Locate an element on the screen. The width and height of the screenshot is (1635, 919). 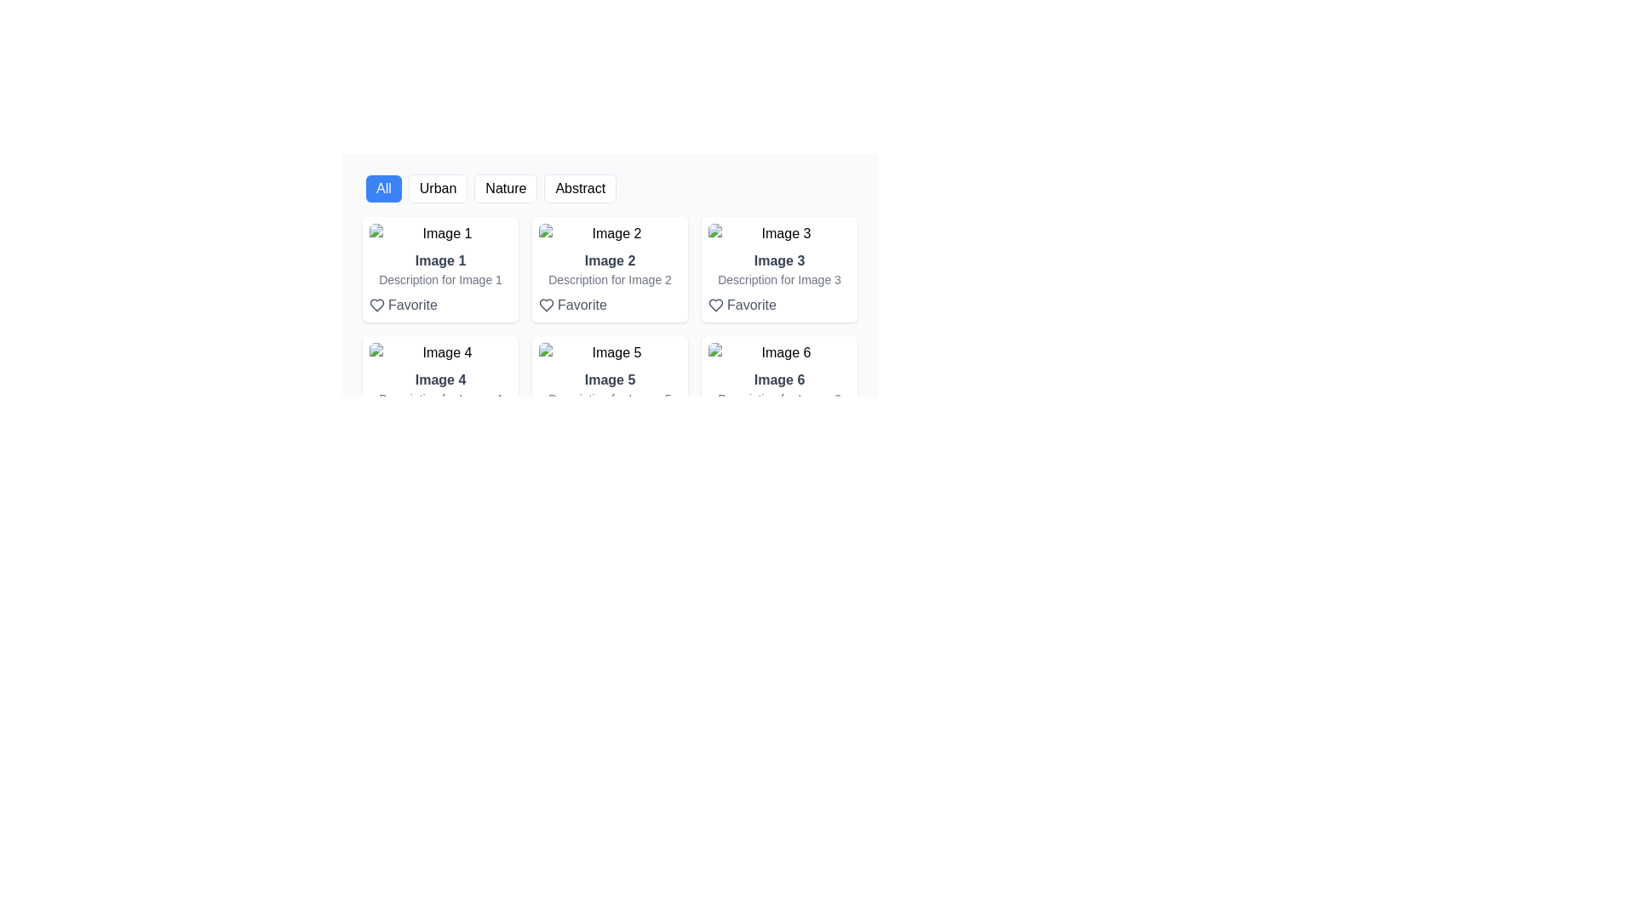
the card component that displays an image with its title and description, and includes an interactive 'Favorite' button, located as the third item in the first row of the grid layout is located at coordinates (778, 268).